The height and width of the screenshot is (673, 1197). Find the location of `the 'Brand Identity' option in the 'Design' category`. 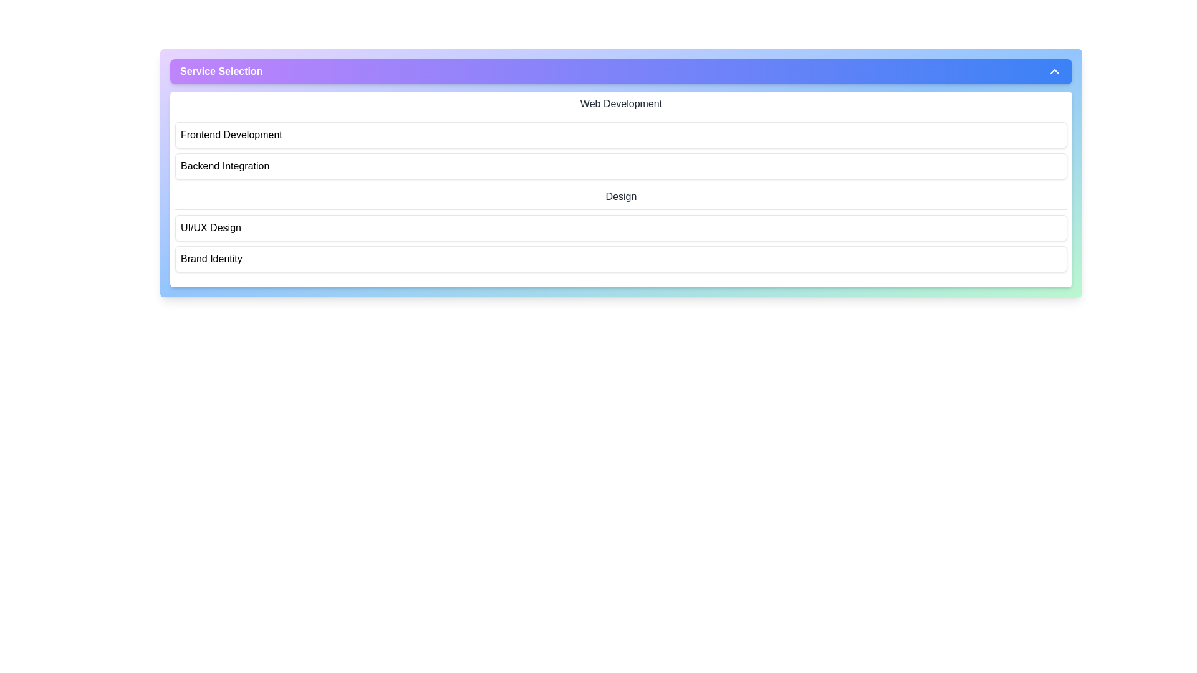

the 'Brand Identity' option in the 'Design' category is located at coordinates (621, 259).